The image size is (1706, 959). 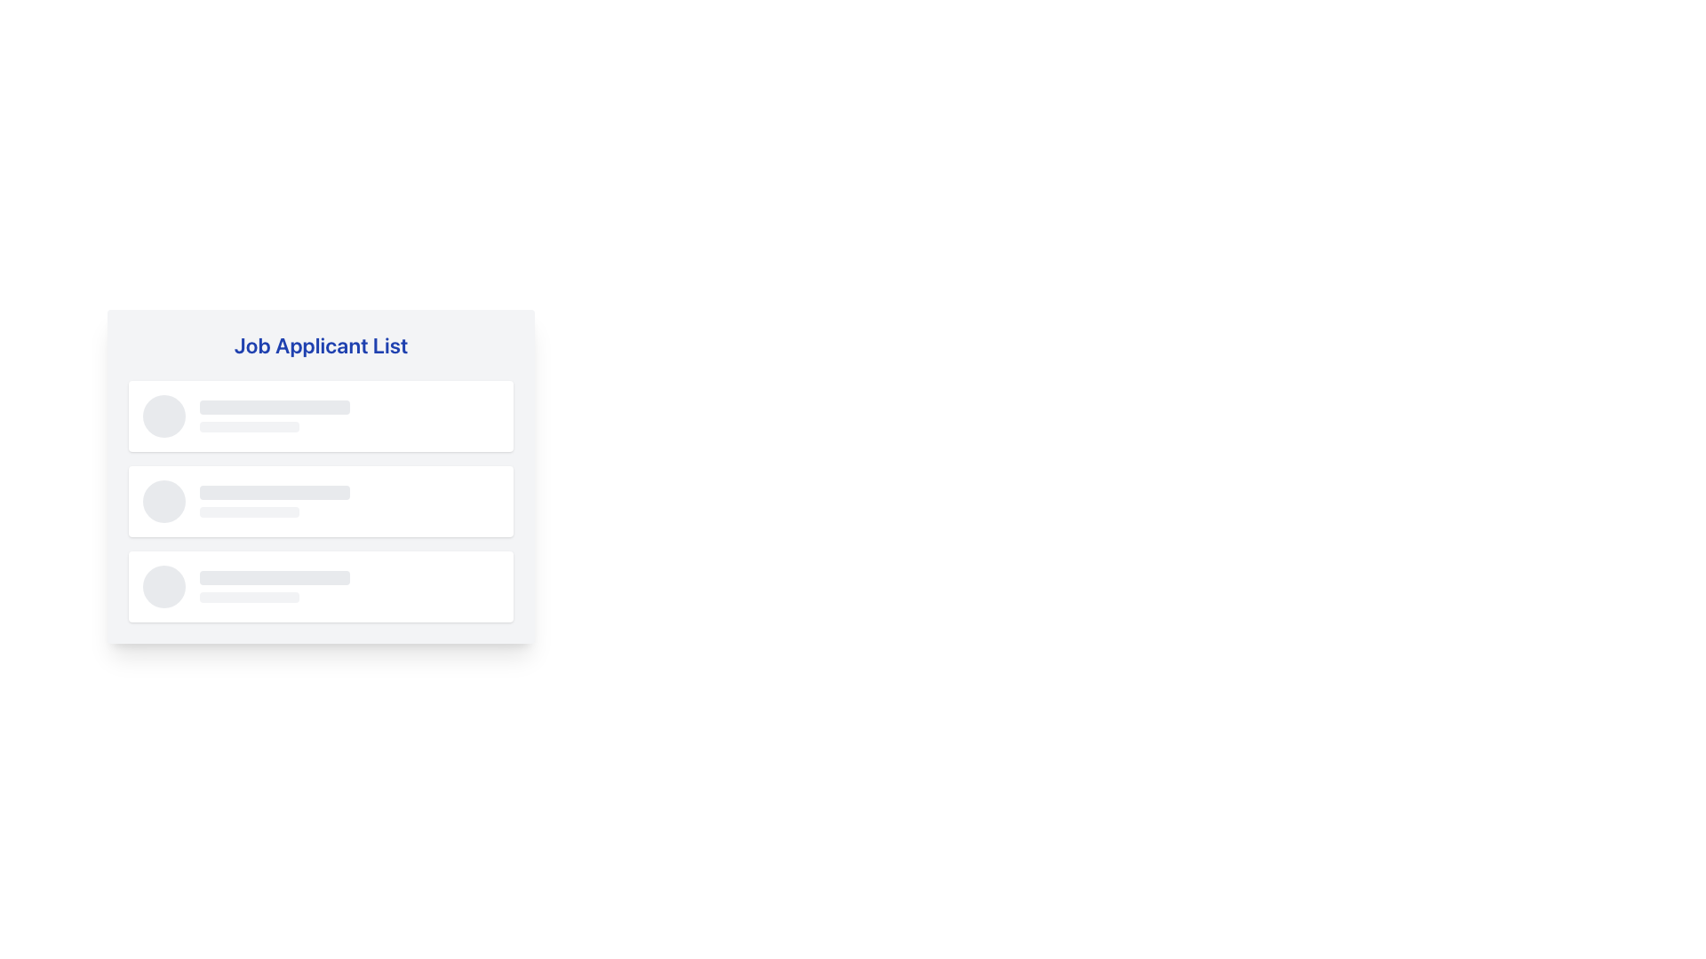 I want to click on the Placeholder block located to the right of the avatar in the second item of the 'Job Applicant List', indicating that content is being fetched, so click(x=349, y=501).